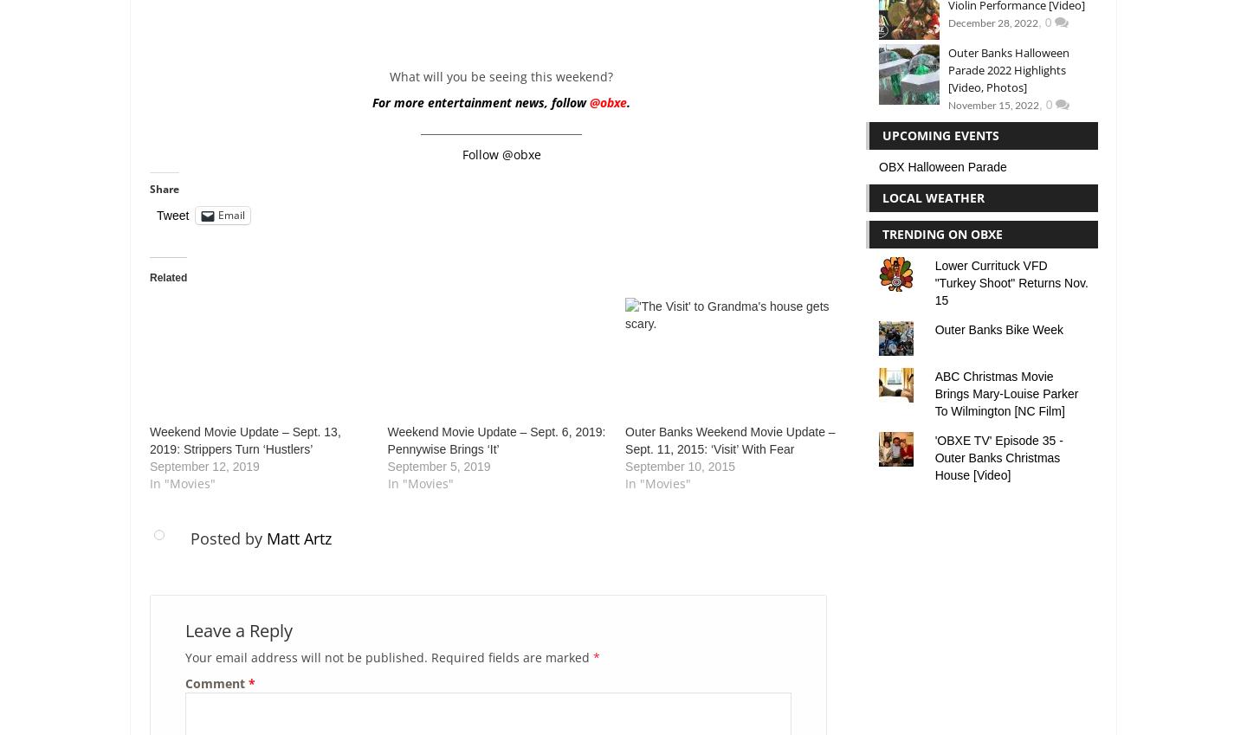 The height and width of the screenshot is (735, 1247). I want to click on ''OBXE TV' Episode 35 - Outer Banks Christmas House [Video]', so click(998, 456).